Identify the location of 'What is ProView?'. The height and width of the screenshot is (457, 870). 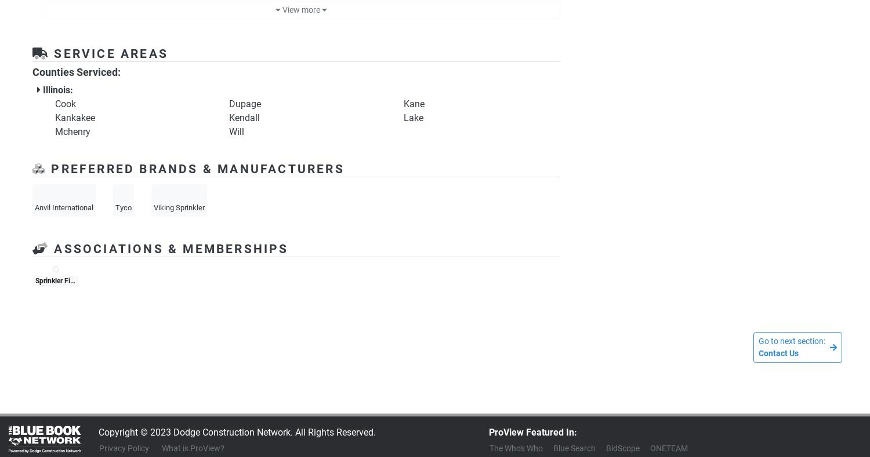
(193, 448).